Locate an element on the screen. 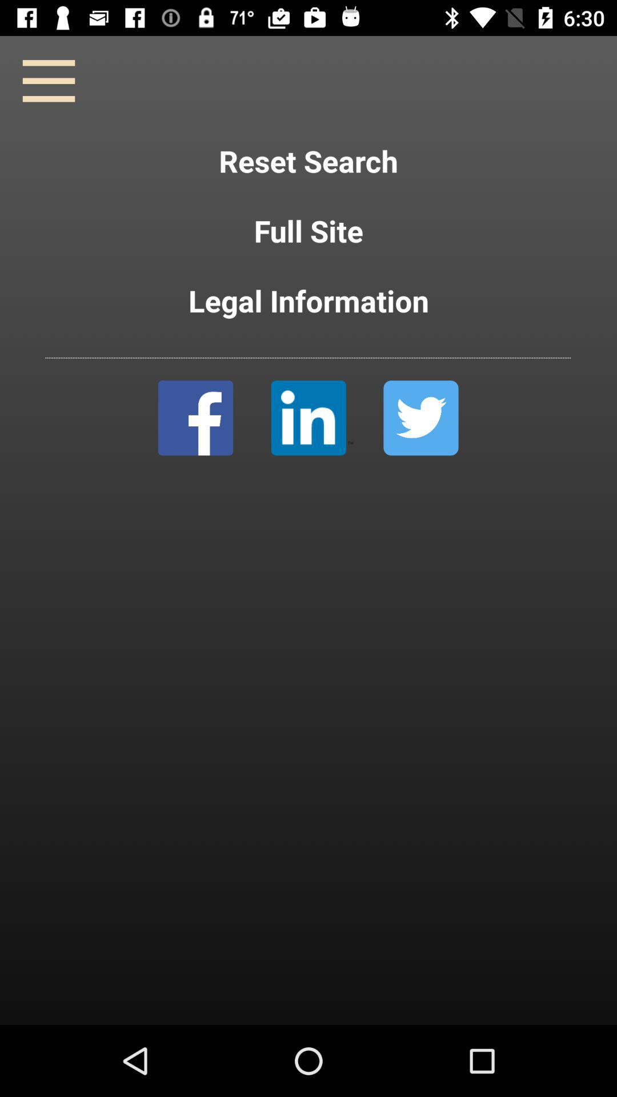  linkedin page is located at coordinates (312, 417).